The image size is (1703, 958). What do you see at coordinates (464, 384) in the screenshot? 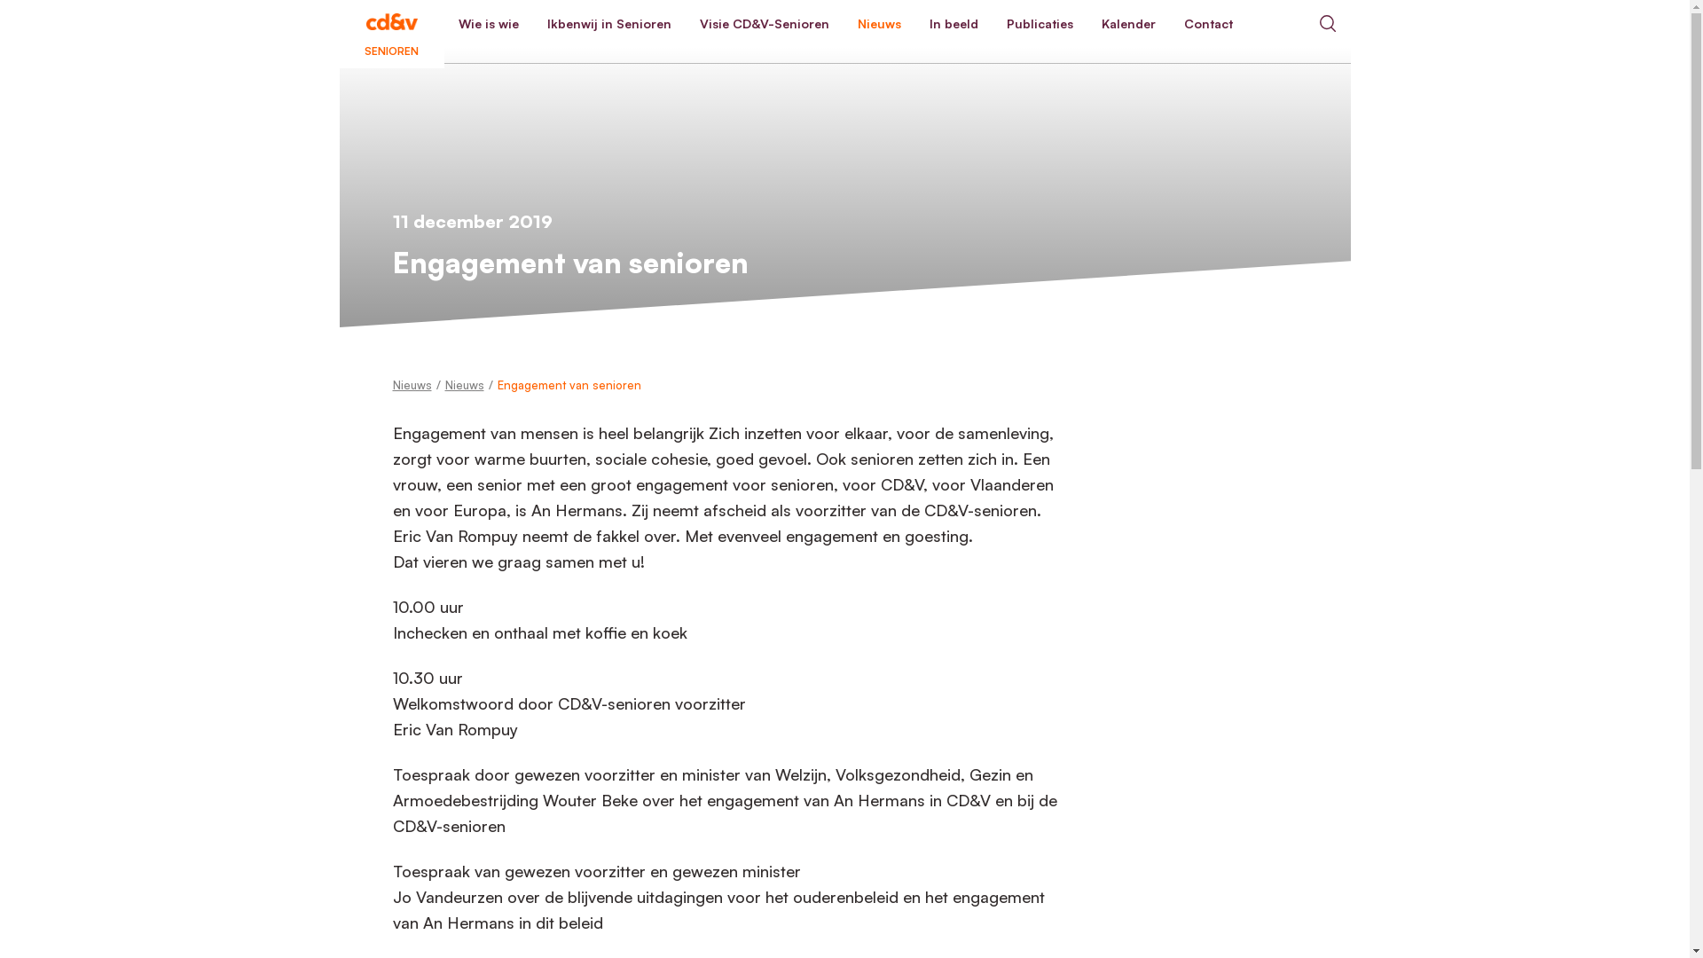
I see `'Nieuws'` at bounding box center [464, 384].